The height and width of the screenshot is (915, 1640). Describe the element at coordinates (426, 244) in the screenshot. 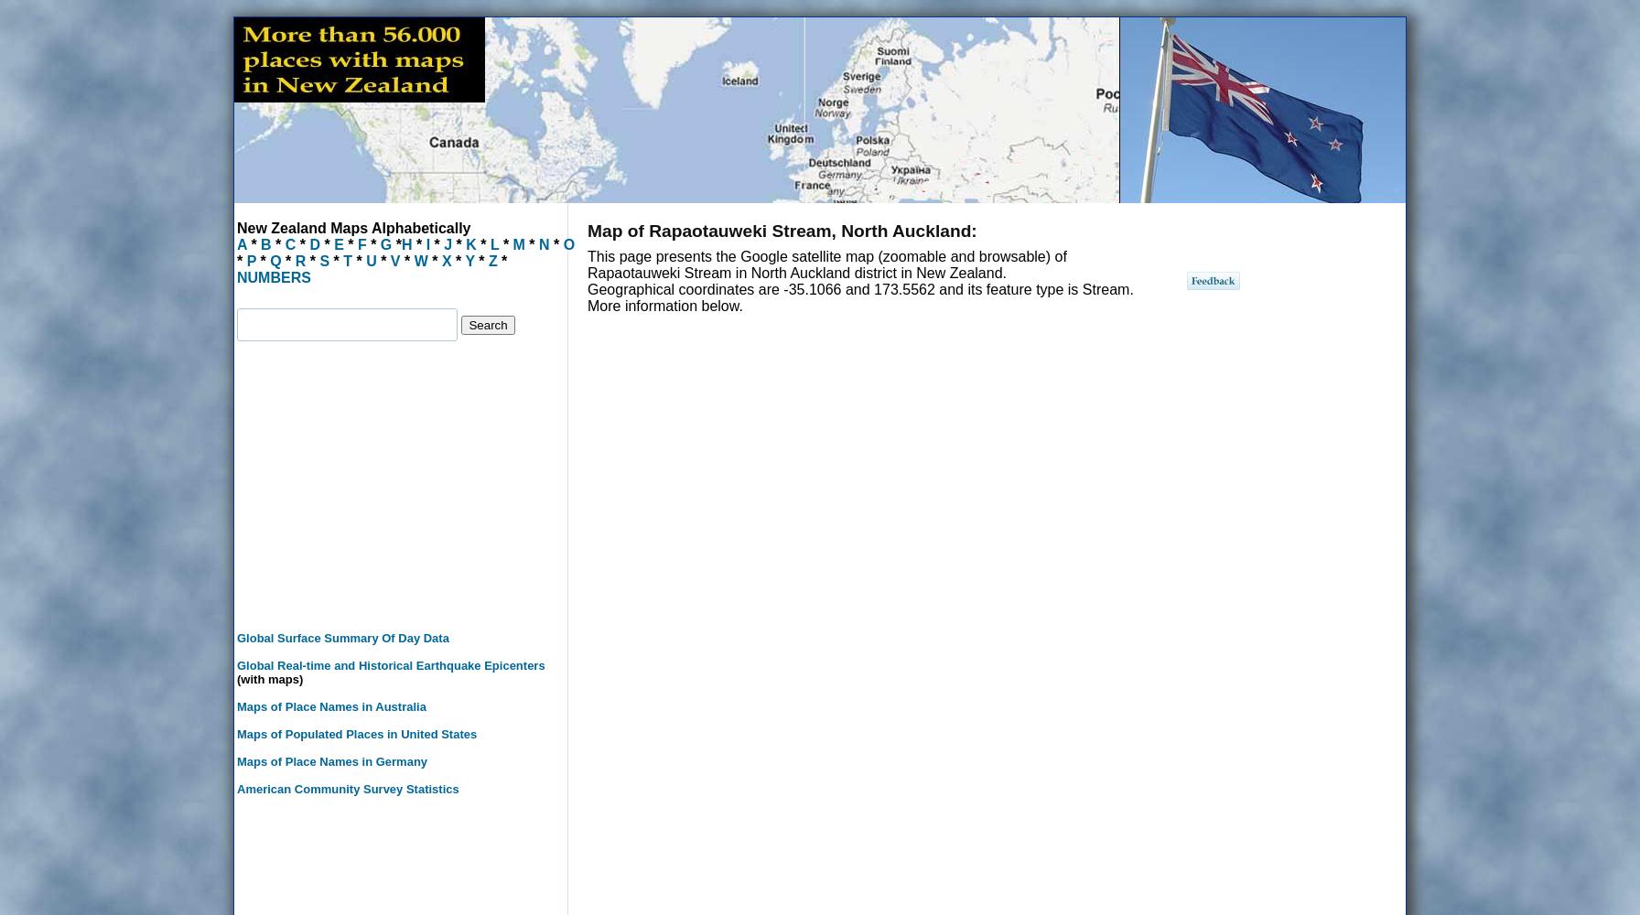

I see `'I'` at that location.